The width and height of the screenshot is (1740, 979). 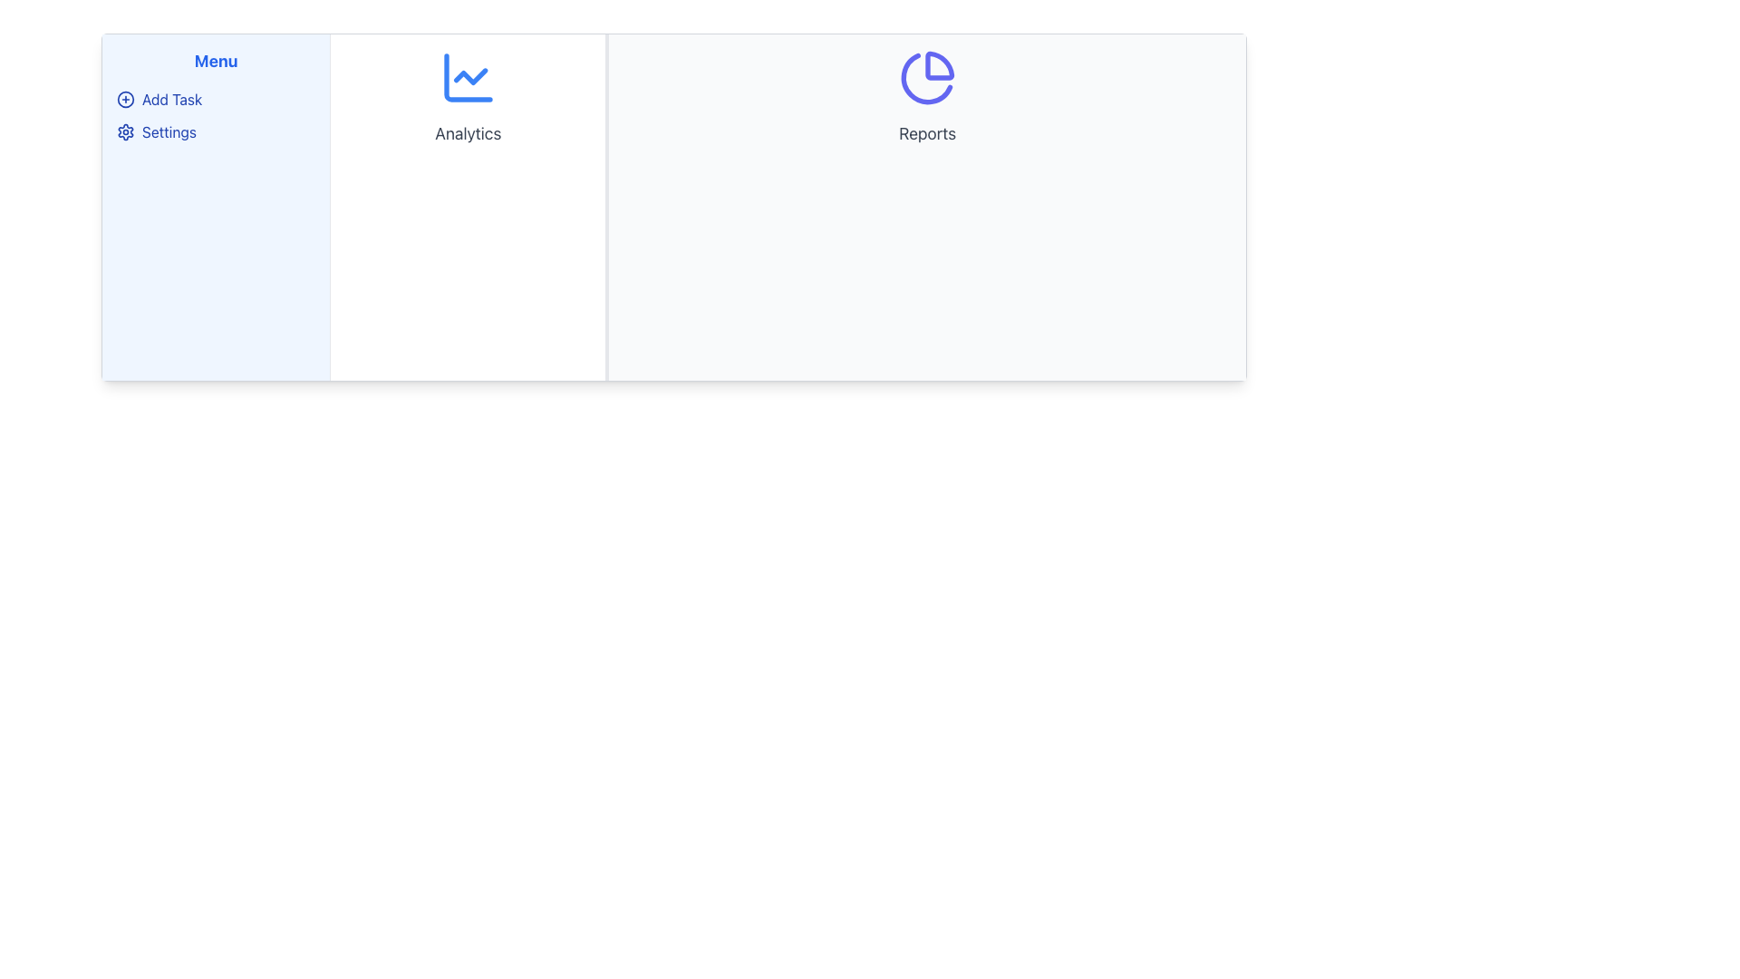 I want to click on the indigo-stroked quarter-circle segment of the pie chart icon located in the 'Reports' section, which is positioned near the label 'Reports', so click(x=939, y=64).